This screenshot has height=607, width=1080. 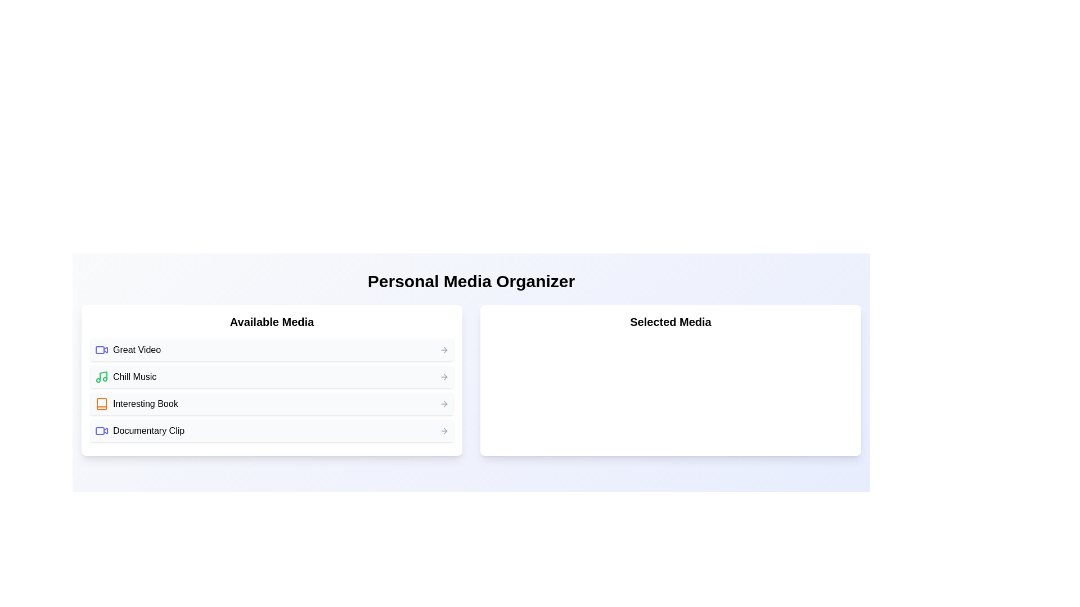 What do you see at coordinates (445, 403) in the screenshot?
I see `the right-pointing arrow icon that indicates navigation for the media item 'Interesting Book'` at bounding box center [445, 403].